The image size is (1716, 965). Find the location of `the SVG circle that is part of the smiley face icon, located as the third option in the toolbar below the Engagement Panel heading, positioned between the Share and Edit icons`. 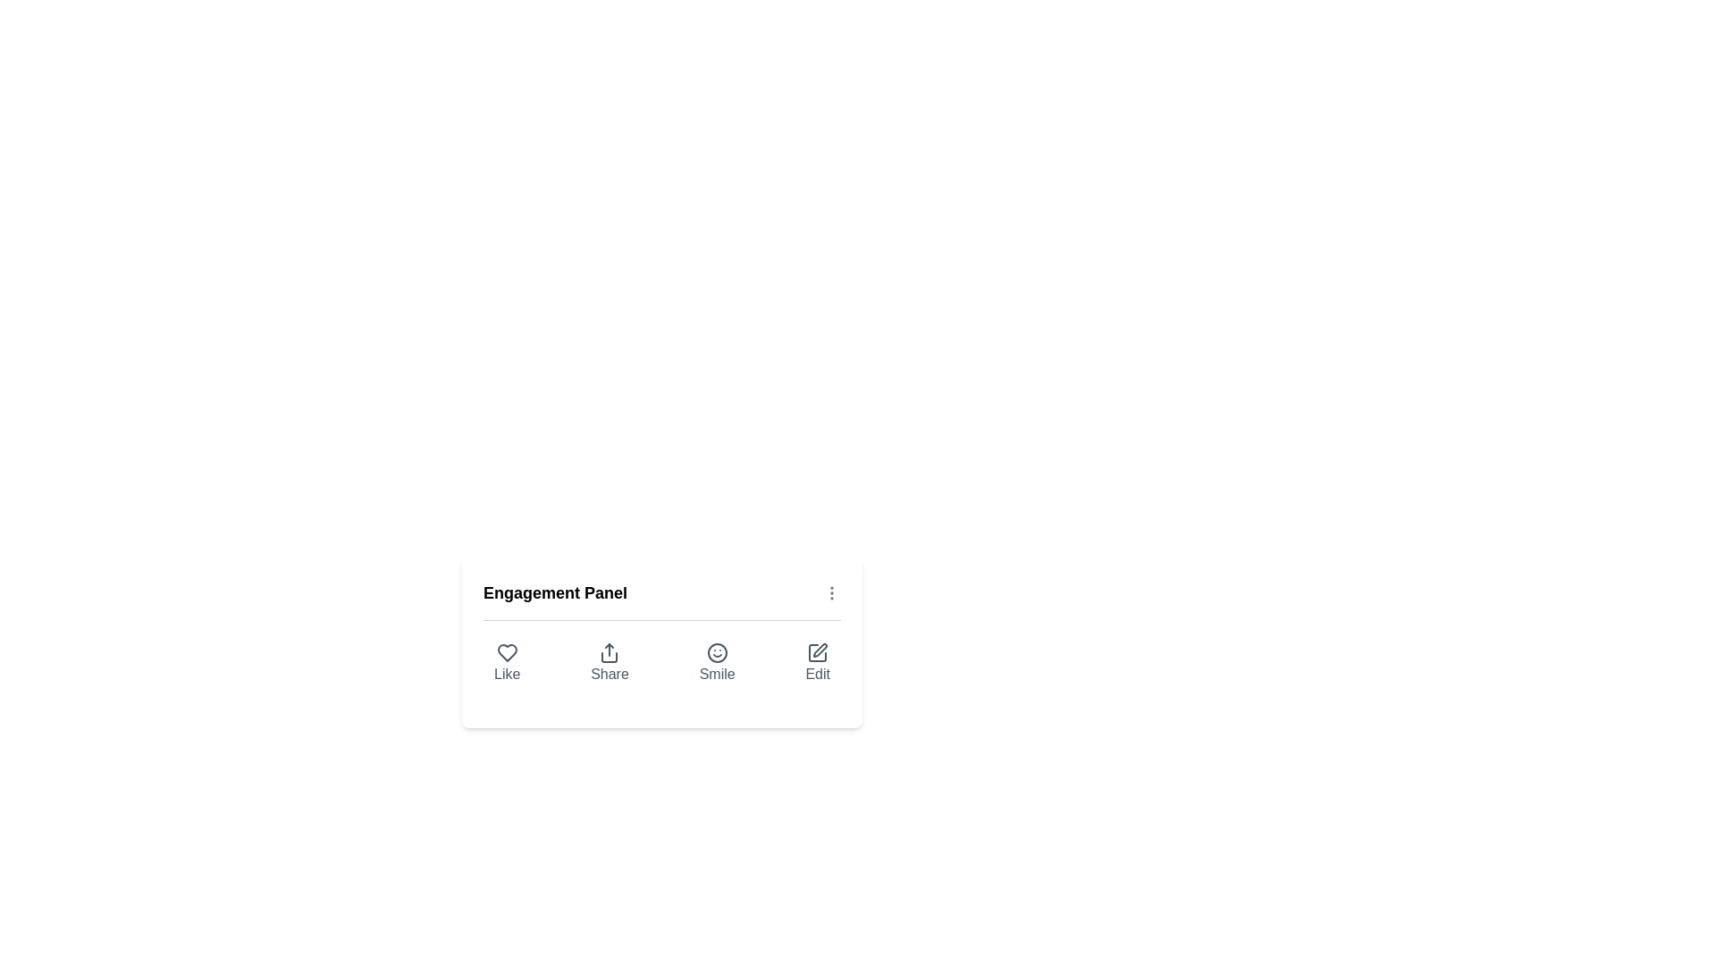

the SVG circle that is part of the smiley face icon, located as the third option in the toolbar below the Engagement Panel heading, positioned between the Share and Edit icons is located at coordinates (717, 653).